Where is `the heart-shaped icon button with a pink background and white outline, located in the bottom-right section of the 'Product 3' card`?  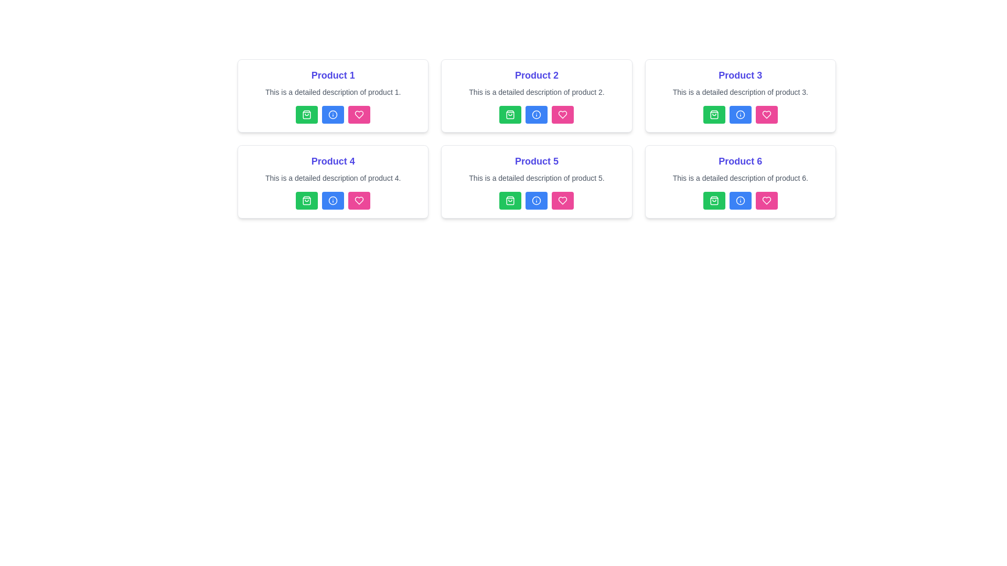 the heart-shaped icon button with a pink background and white outline, located in the bottom-right section of the 'Product 3' card is located at coordinates (766, 115).